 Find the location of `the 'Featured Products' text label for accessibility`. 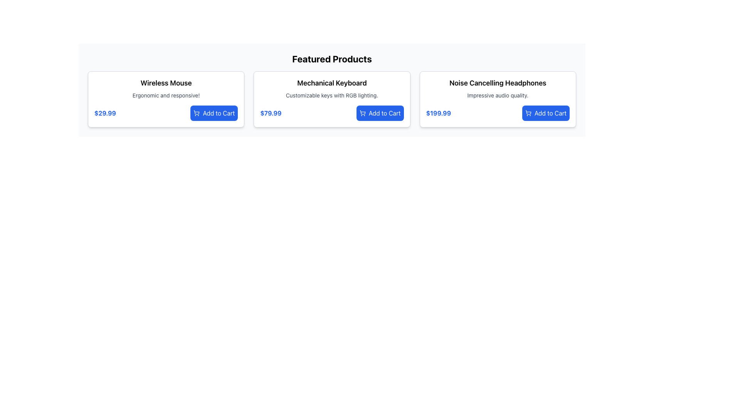

the 'Featured Products' text label for accessibility is located at coordinates (332, 59).